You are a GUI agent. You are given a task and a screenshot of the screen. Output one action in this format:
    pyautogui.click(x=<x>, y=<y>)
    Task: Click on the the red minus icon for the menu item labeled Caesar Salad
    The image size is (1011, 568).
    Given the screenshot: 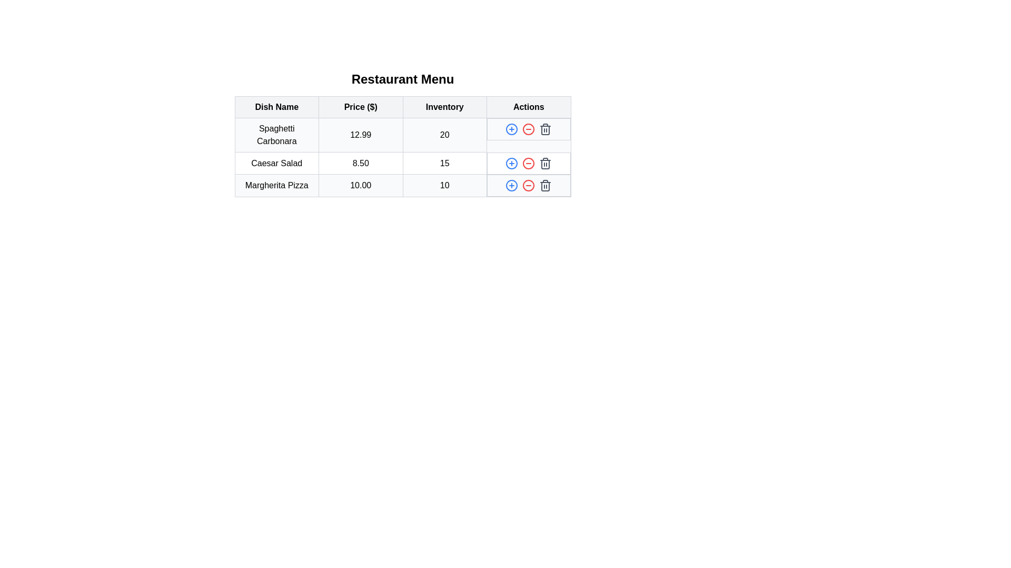 What is the action you would take?
    pyautogui.click(x=529, y=163)
    